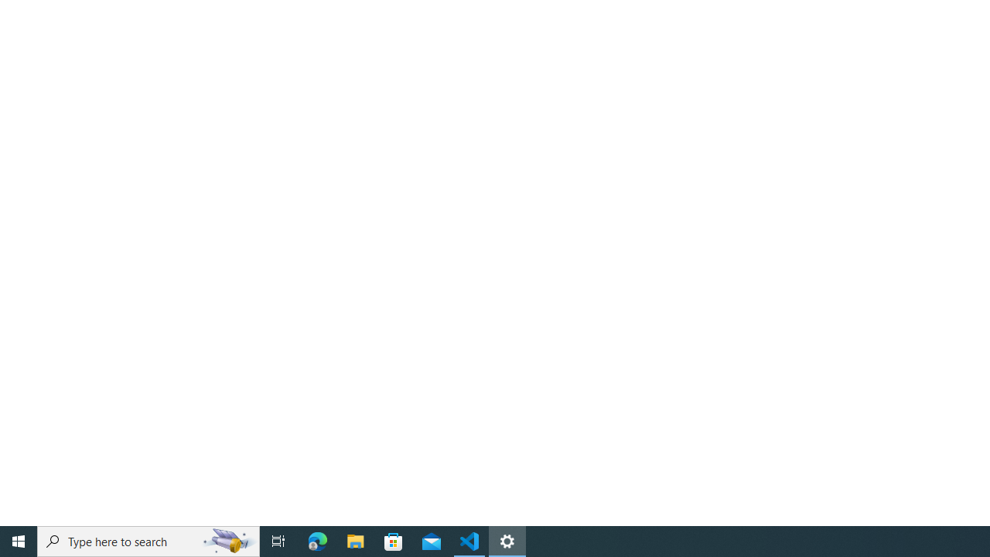 The height and width of the screenshot is (557, 990). What do you see at coordinates (355, 540) in the screenshot?
I see `'File Explorer'` at bounding box center [355, 540].